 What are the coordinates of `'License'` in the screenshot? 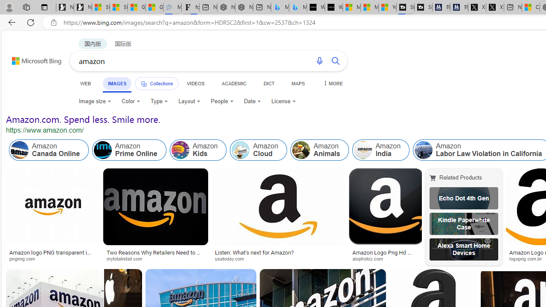 It's located at (283, 101).